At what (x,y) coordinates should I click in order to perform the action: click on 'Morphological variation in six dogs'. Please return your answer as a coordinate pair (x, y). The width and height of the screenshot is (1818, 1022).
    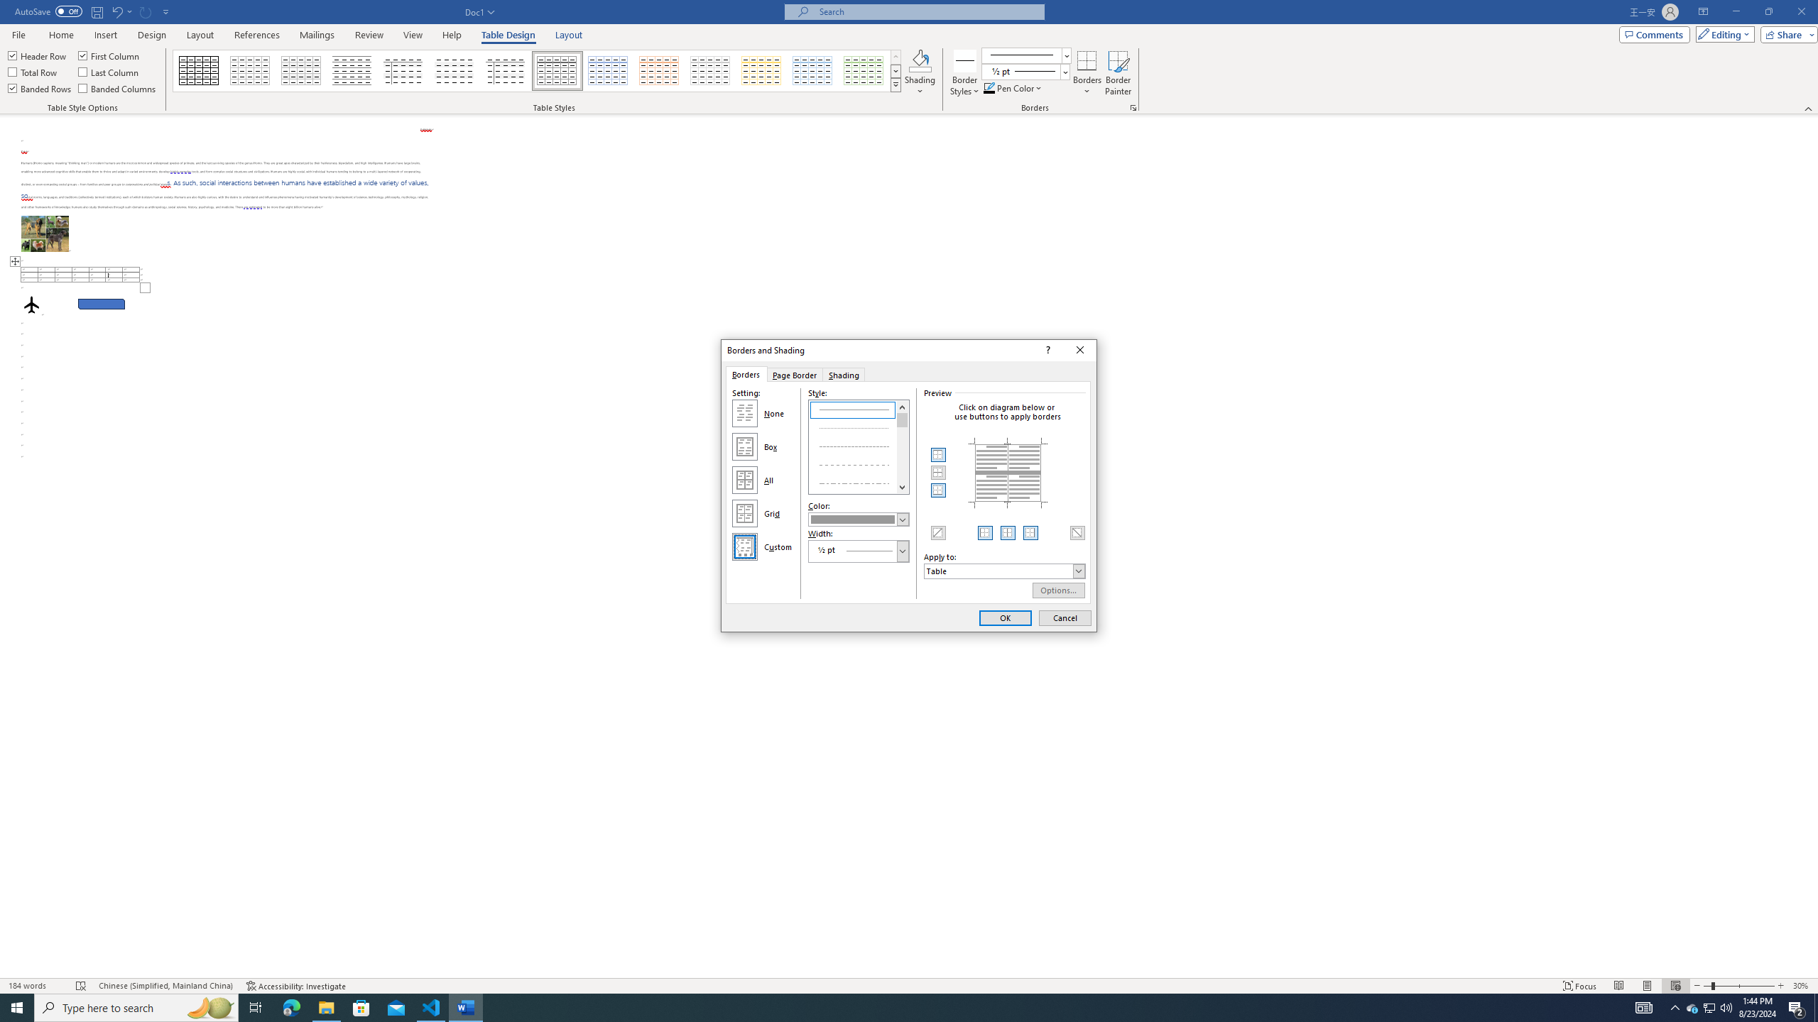
    Looking at the image, I should click on (45, 233).